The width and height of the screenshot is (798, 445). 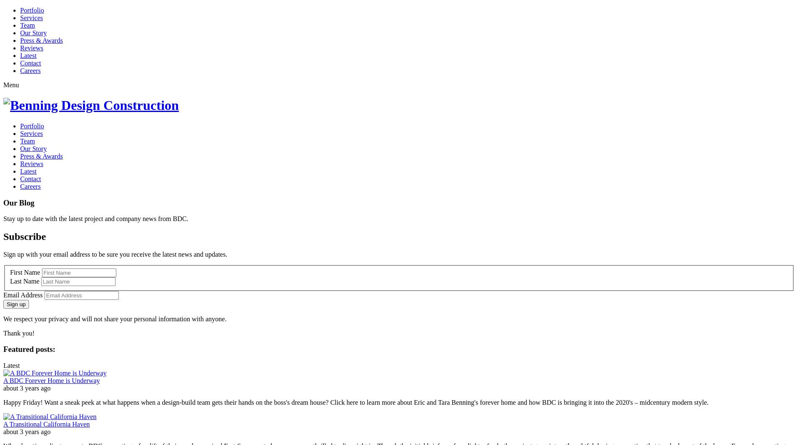 What do you see at coordinates (19, 333) in the screenshot?
I see `'Thank you!'` at bounding box center [19, 333].